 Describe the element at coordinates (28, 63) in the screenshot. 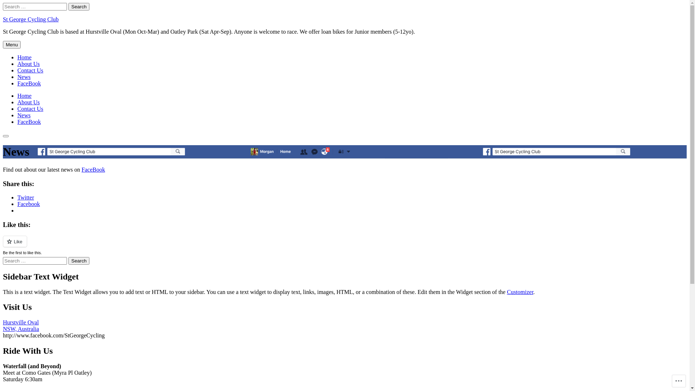

I see `'About Us'` at that location.